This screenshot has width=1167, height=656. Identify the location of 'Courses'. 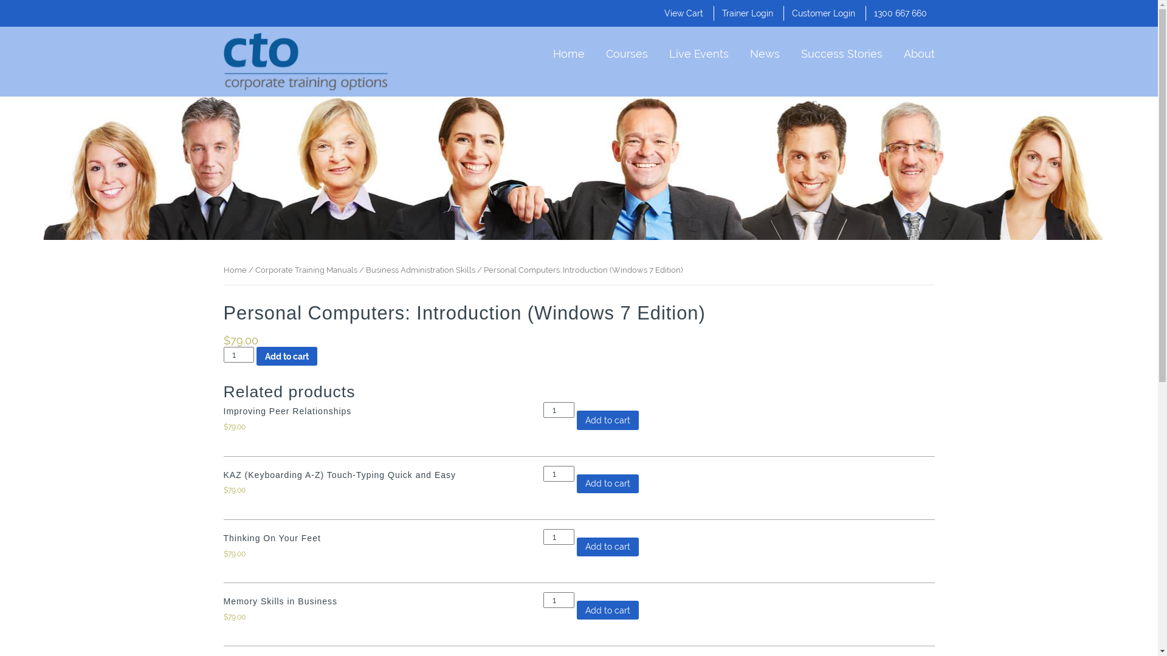
(626, 51).